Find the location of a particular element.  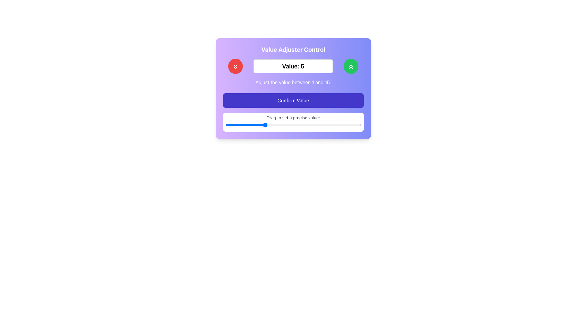

the static text element that informs users about the valid range for value adjustment, located in the 'Value Adjuster Control' card component, directly below the value display field is located at coordinates (293, 82).